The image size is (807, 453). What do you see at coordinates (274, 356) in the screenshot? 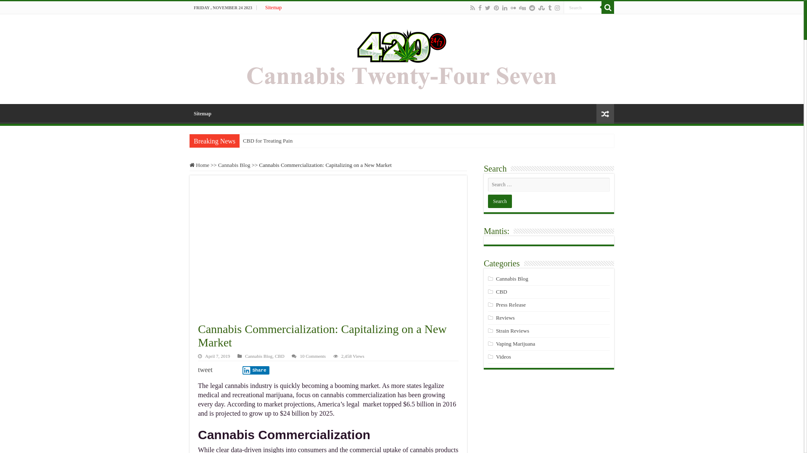
I see `'CBD'` at bounding box center [274, 356].